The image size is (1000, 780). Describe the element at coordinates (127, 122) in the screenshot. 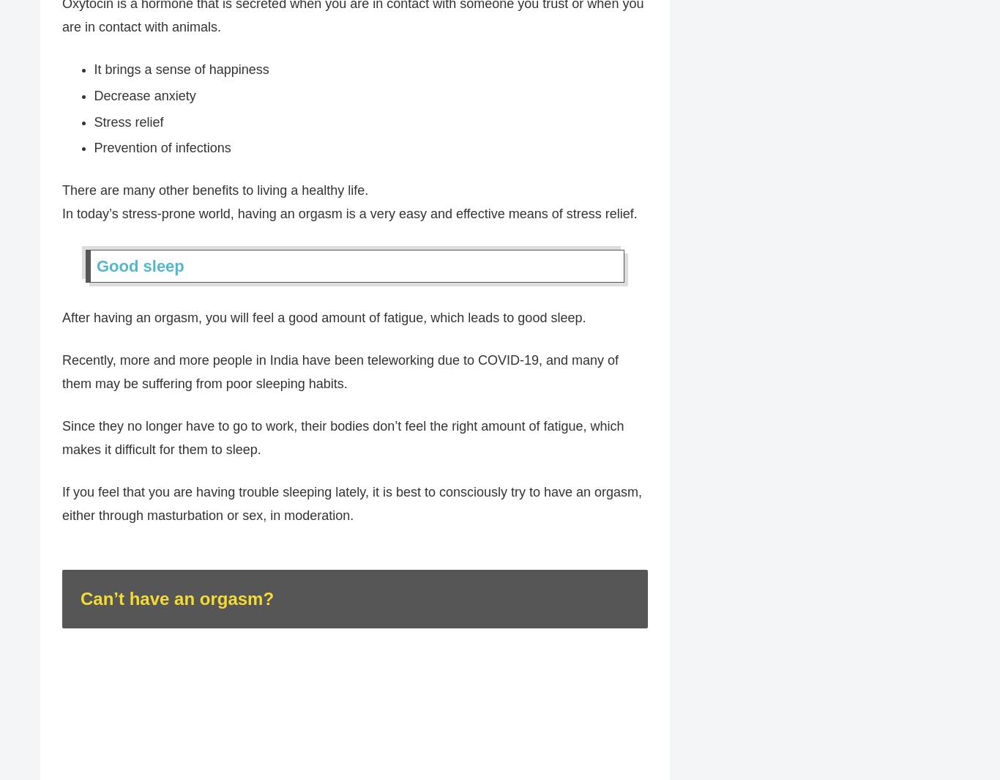

I see `'Stress relief'` at that location.